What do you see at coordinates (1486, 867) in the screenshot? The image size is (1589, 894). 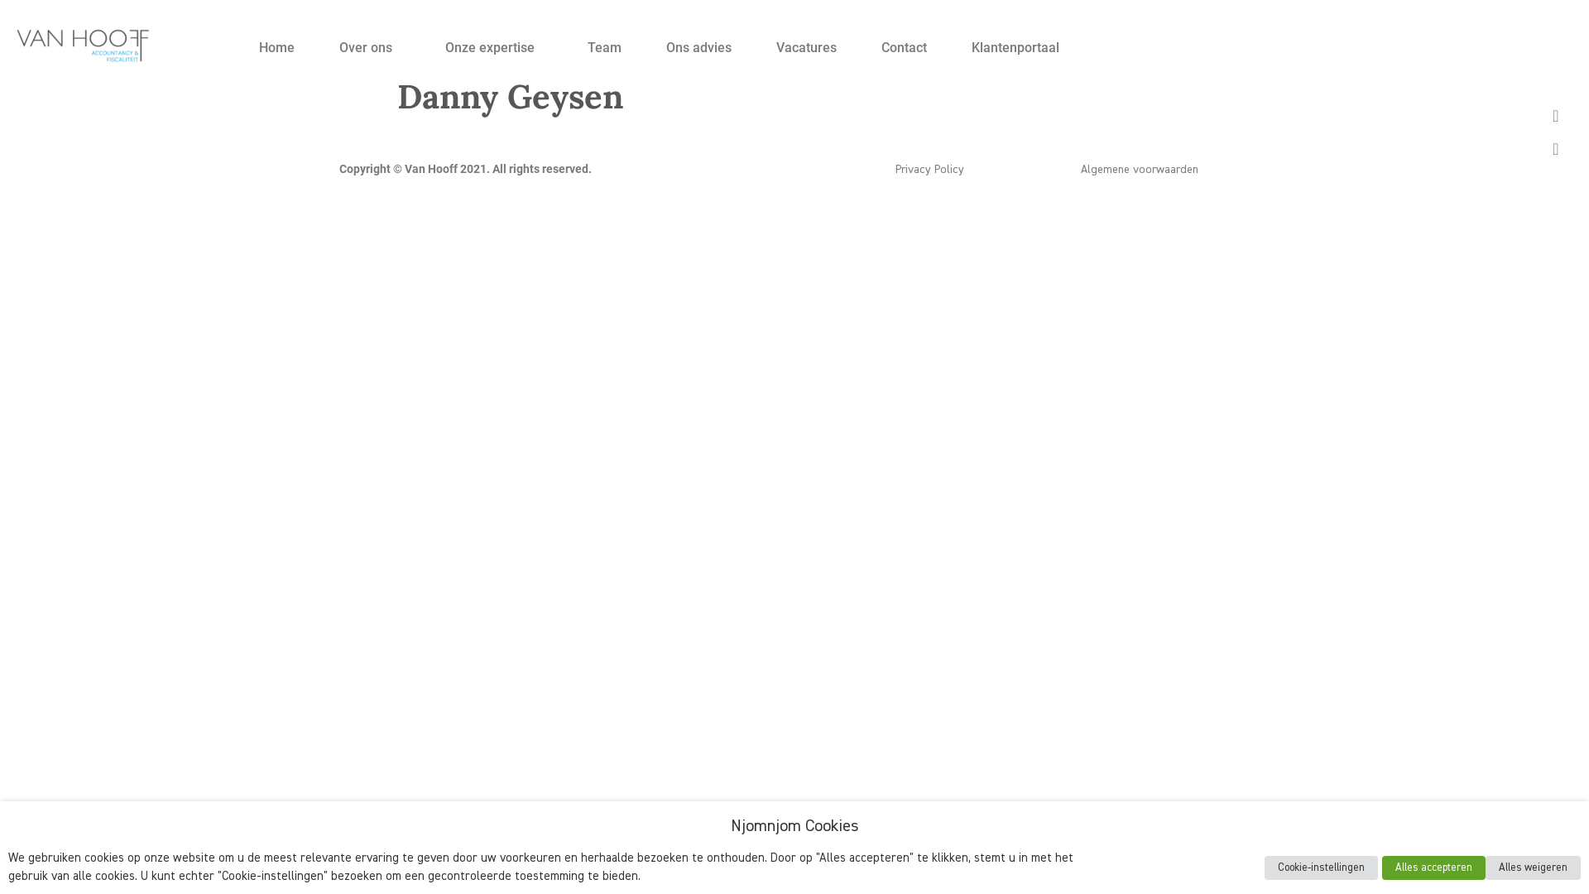 I see `'Alles weigeren'` at bounding box center [1486, 867].